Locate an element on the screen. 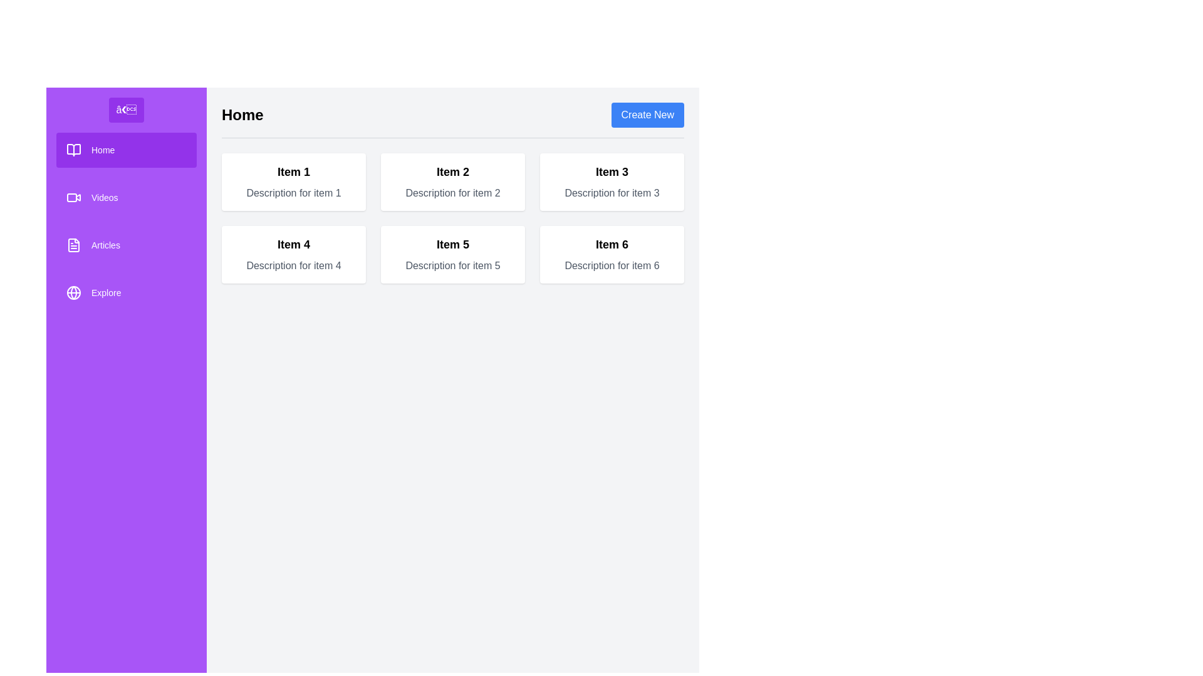  the Informational card displaying 'Item 3', which is located in the right column of the first row within a grid layout is located at coordinates (612, 182).